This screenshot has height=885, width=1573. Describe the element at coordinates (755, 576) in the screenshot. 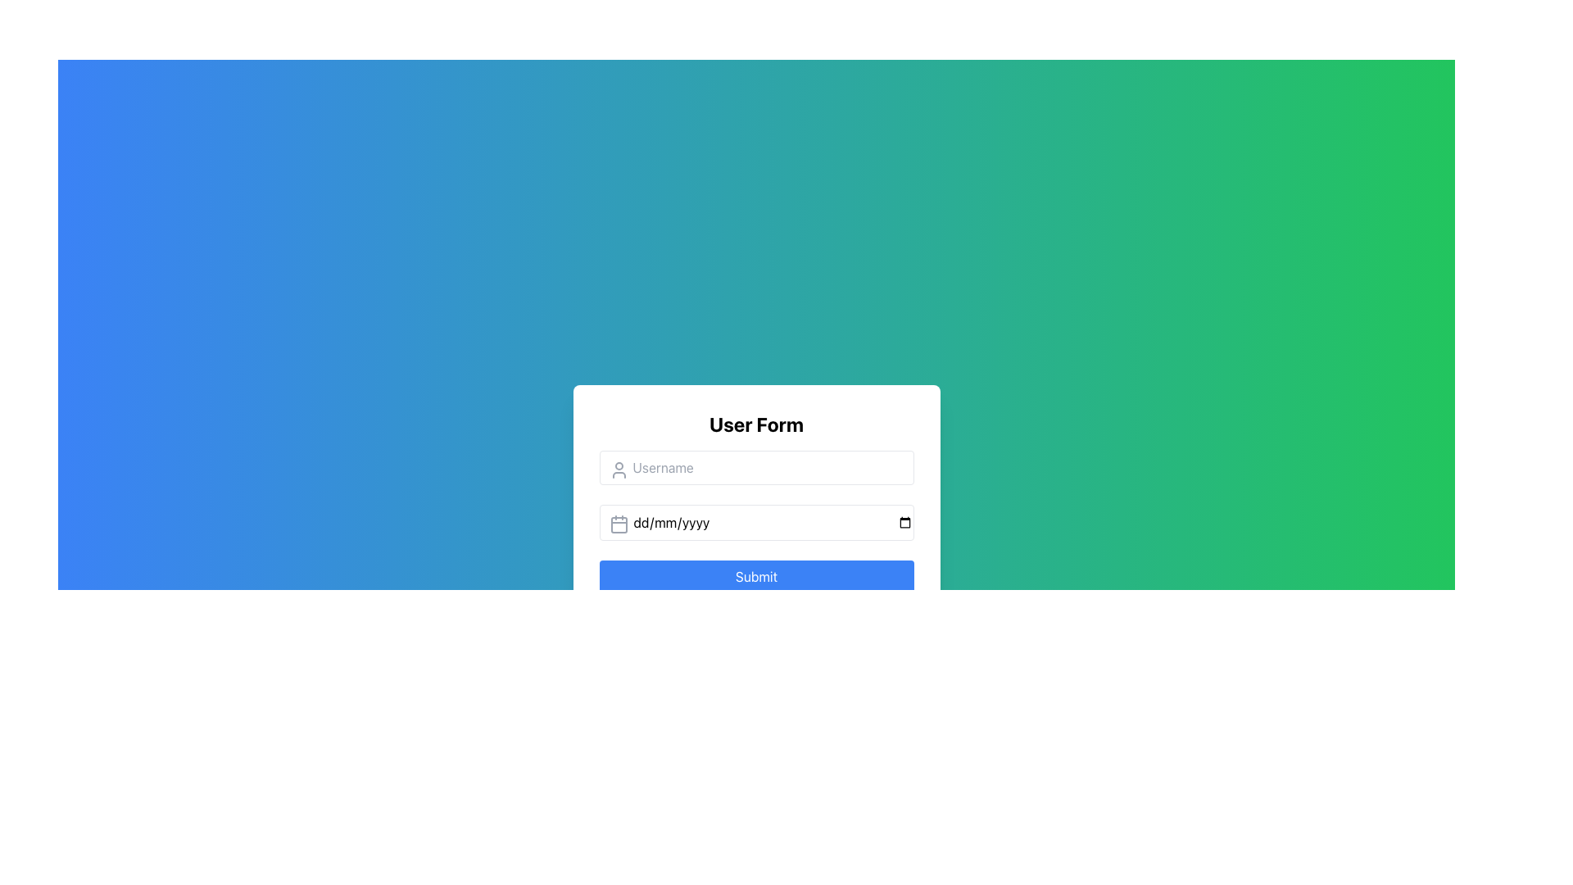

I see `the submit button located at the bottom of the user form` at that location.